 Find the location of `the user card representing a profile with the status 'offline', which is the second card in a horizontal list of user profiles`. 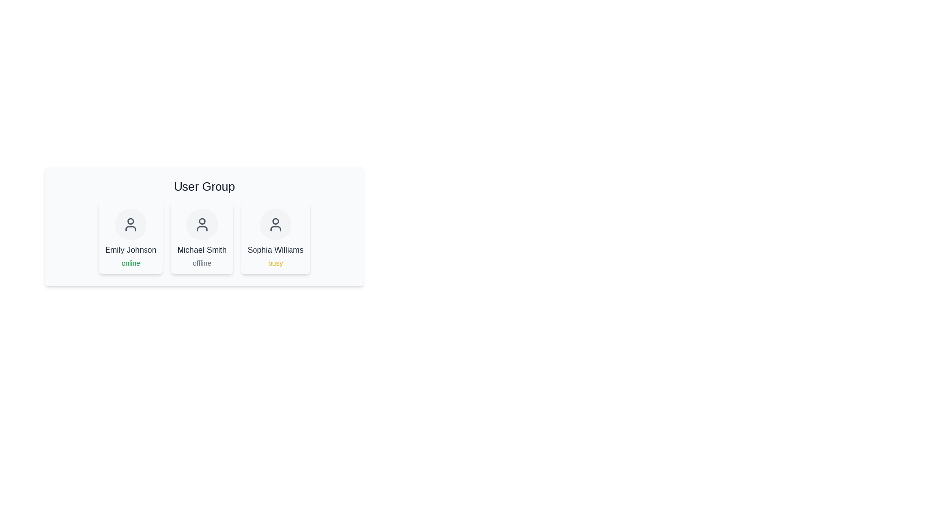

the user card representing a profile with the status 'offline', which is the second card in a horizontal list of user profiles is located at coordinates (201, 238).